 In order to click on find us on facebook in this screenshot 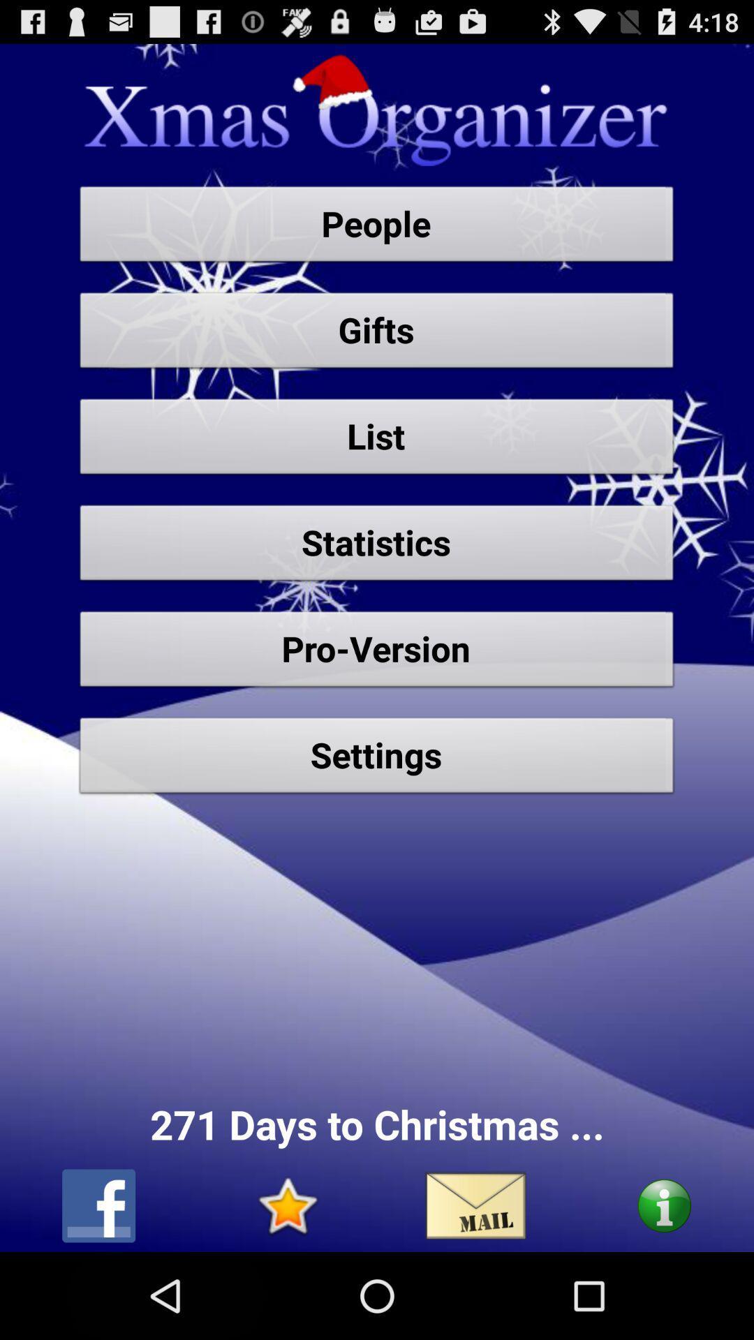, I will do `click(98, 1205)`.